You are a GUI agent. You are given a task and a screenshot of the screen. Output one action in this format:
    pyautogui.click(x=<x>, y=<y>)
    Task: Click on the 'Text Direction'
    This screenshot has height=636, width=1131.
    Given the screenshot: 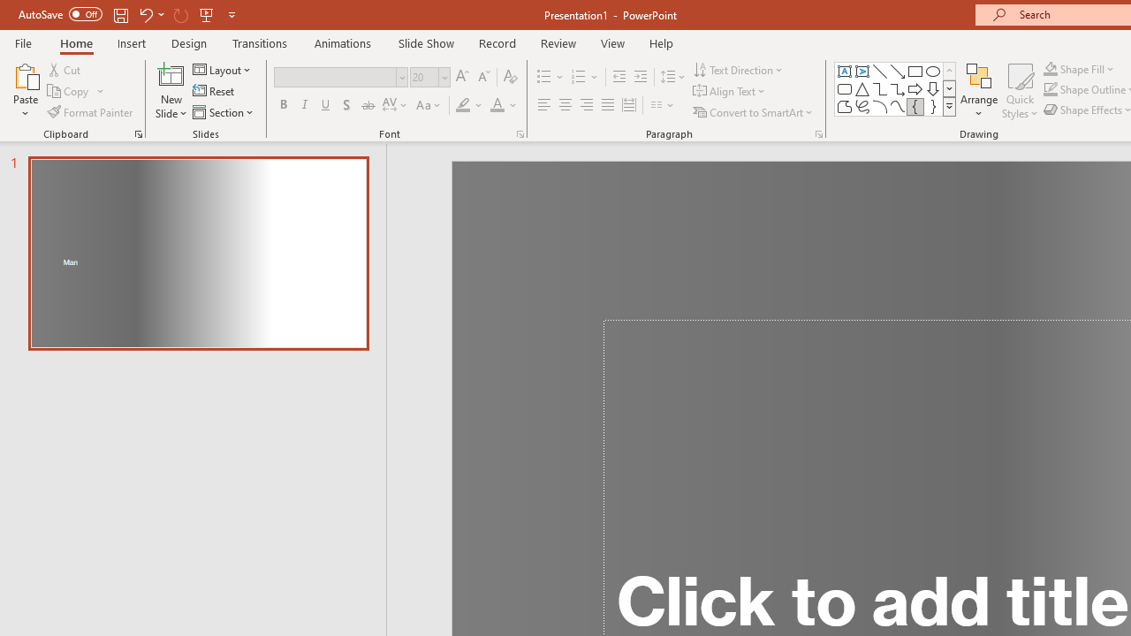 What is the action you would take?
    pyautogui.click(x=740, y=69)
    